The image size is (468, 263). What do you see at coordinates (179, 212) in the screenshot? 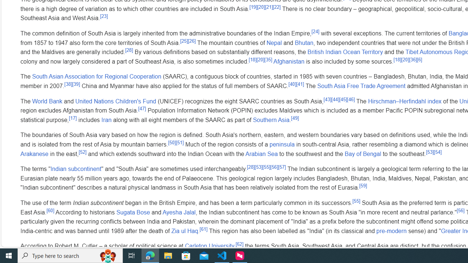
I see `'Ayesha Jalal'` at bounding box center [179, 212].